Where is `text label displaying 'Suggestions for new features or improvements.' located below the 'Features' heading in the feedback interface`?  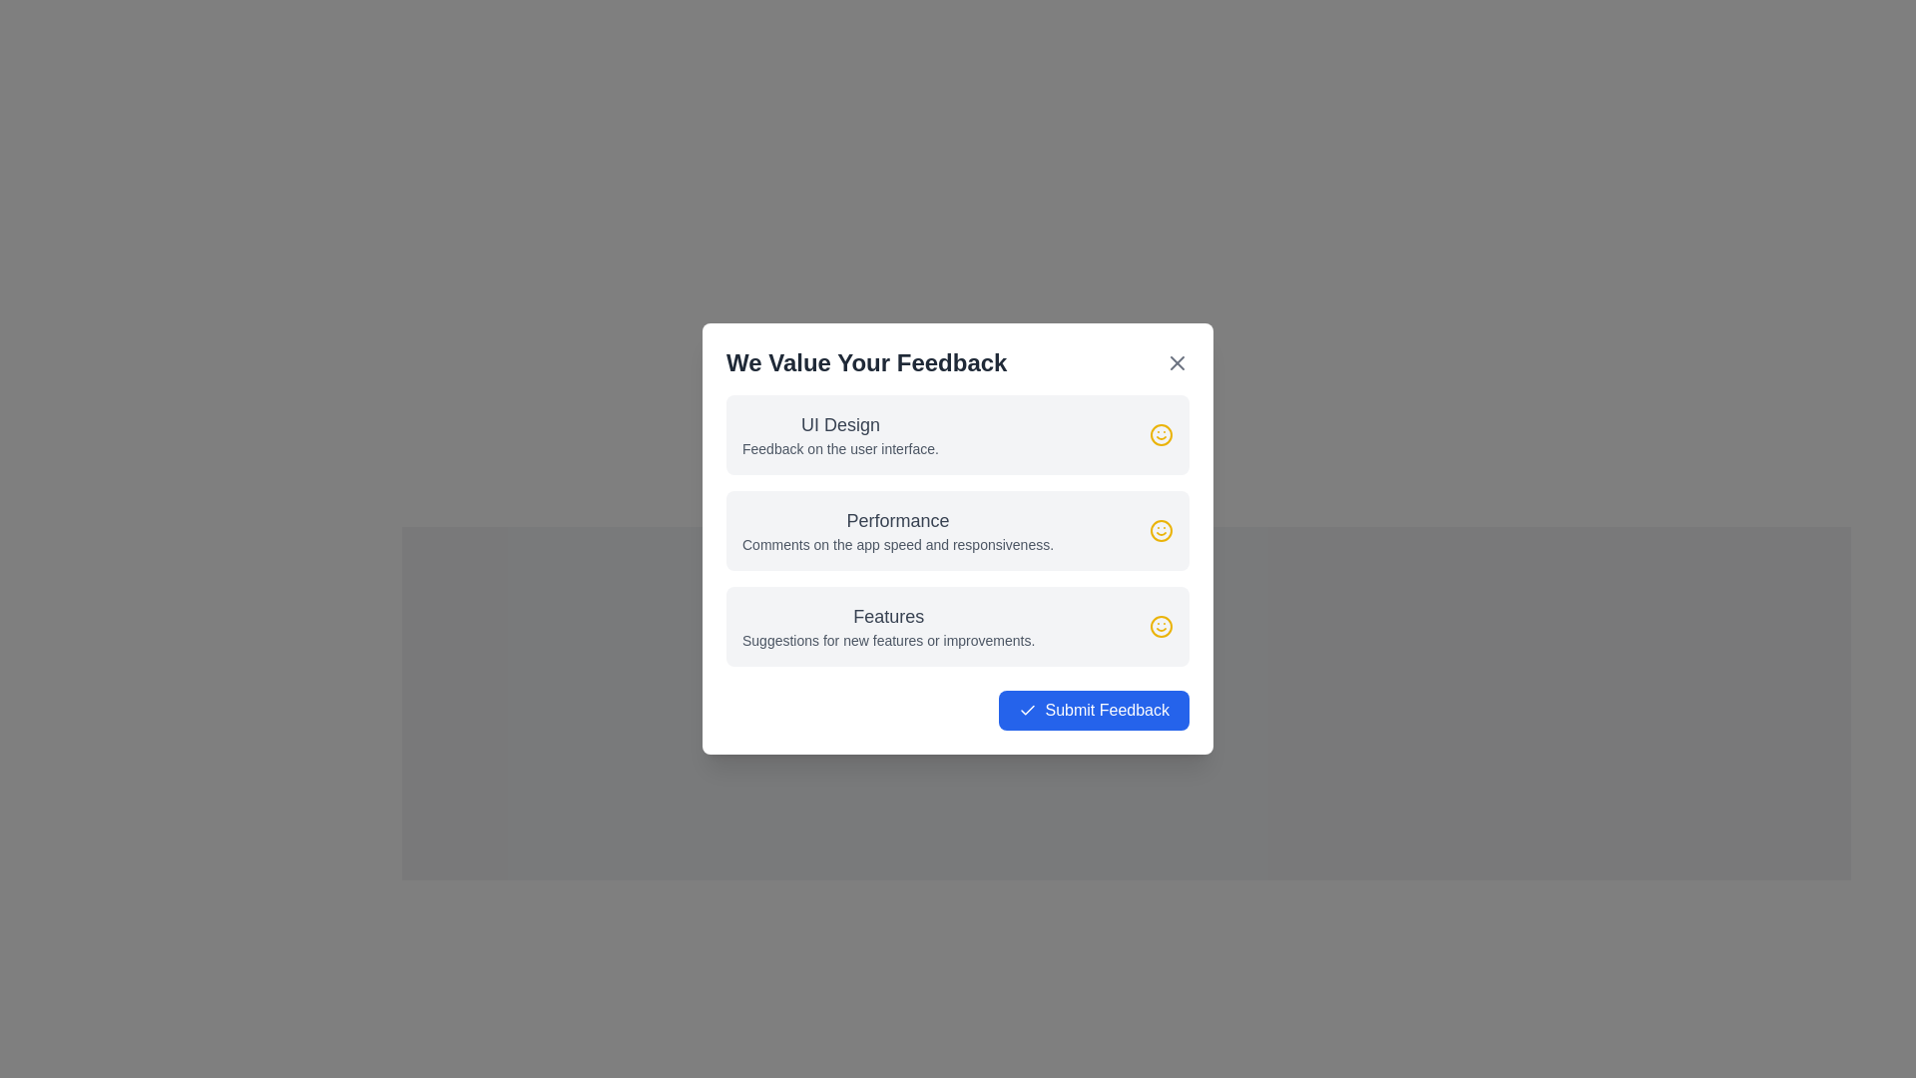
text label displaying 'Suggestions for new features or improvements.' located below the 'Features' heading in the feedback interface is located at coordinates (887, 640).